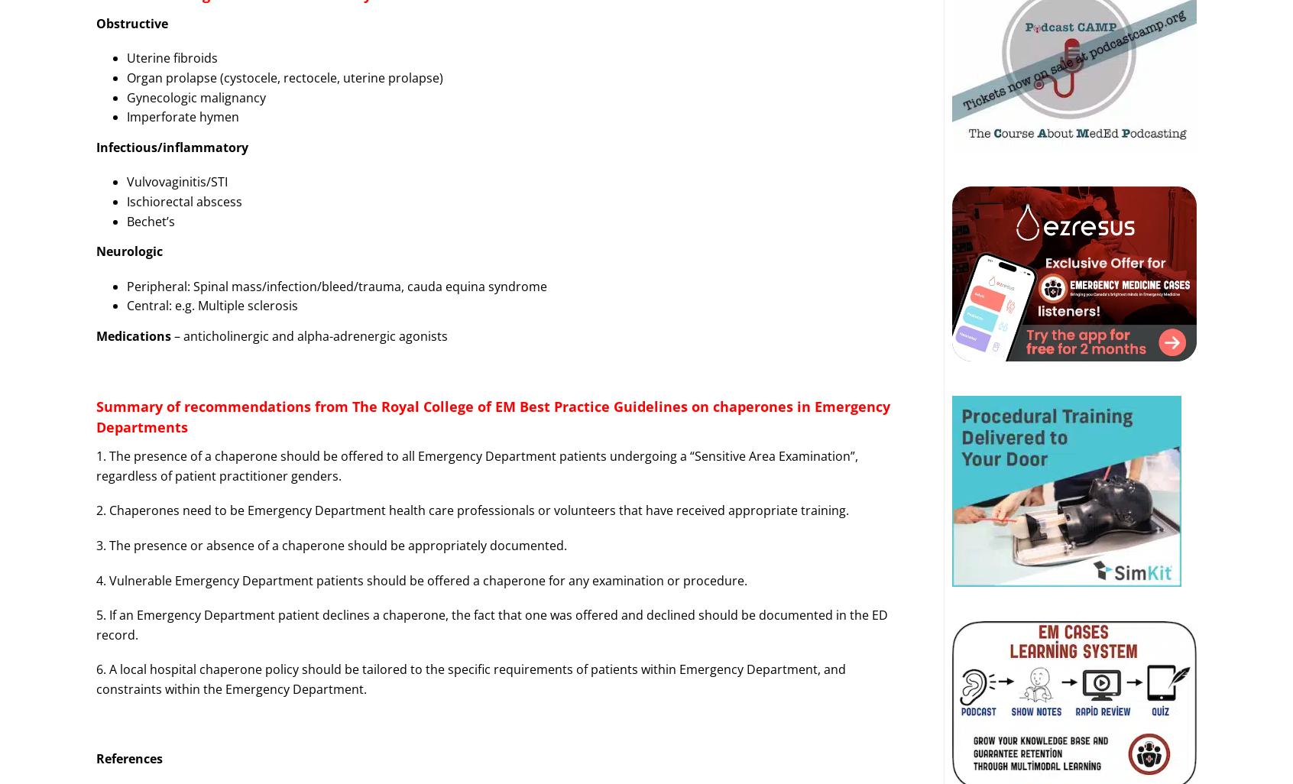 The image size is (1293, 784). What do you see at coordinates (212, 305) in the screenshot?
I see `'Central: e.g. Multiple sclerosis'` at bounding box center [212, 305].